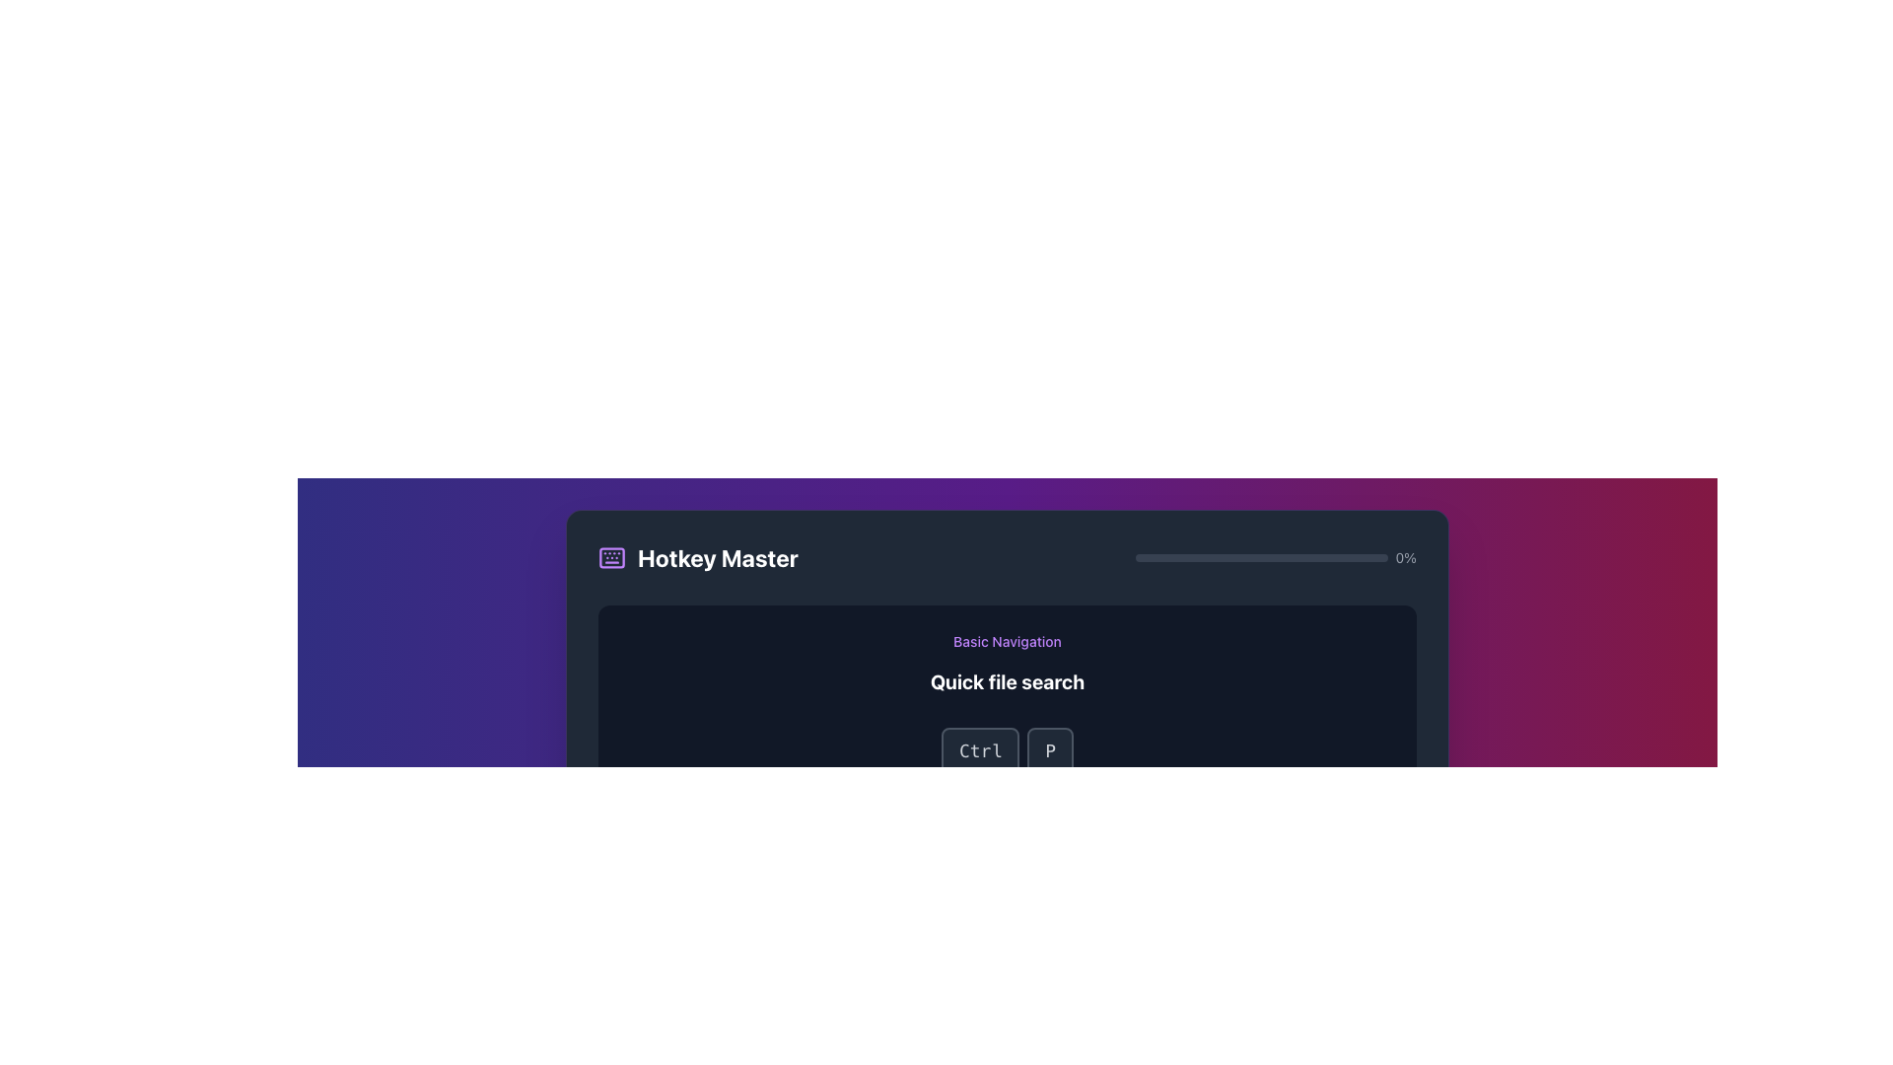 The width and height of the screenshot is (1893, 1065). What do you see at coordinates (698, 558) in the screenshot?
I see `the icon component of the 'Hotkey Master' heading located on the left side of the header section` at bounding box center [698, 558].